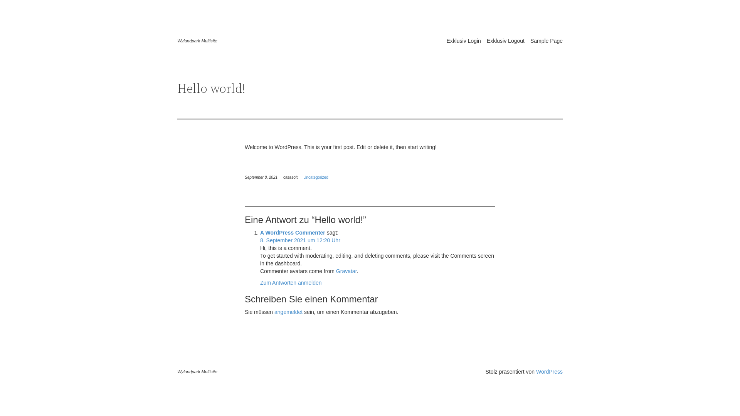 The width and height of the screenshot is (740, 416). Describe the element at coordinates (197, 40) in the screenshot. I see `'Wylandpark Multisite'` at that location.